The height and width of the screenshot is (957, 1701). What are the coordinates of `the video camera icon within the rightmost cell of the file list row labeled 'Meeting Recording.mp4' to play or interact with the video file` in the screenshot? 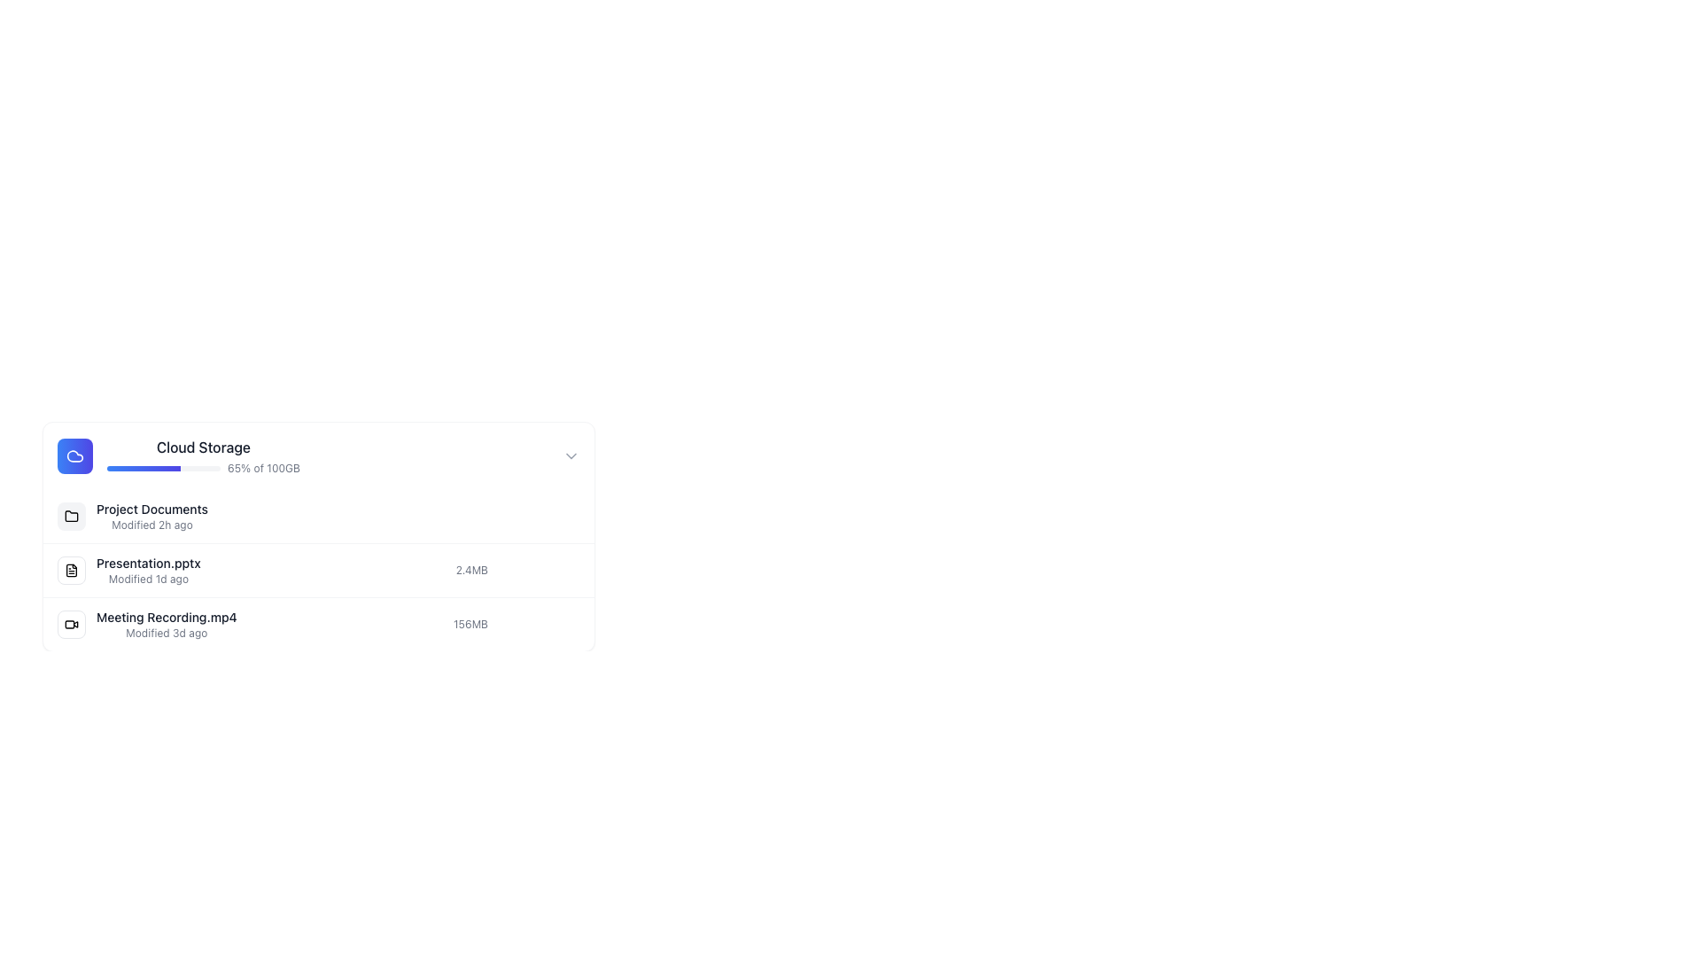 It's located at (71, 624).